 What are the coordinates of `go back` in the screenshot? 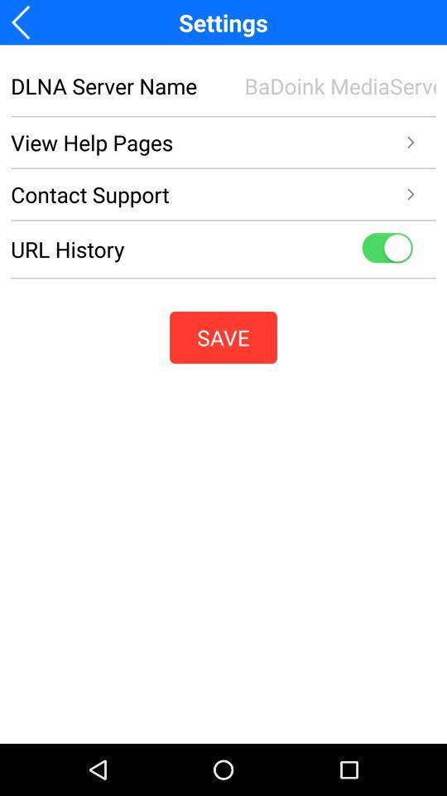 It's located at (25, 22).